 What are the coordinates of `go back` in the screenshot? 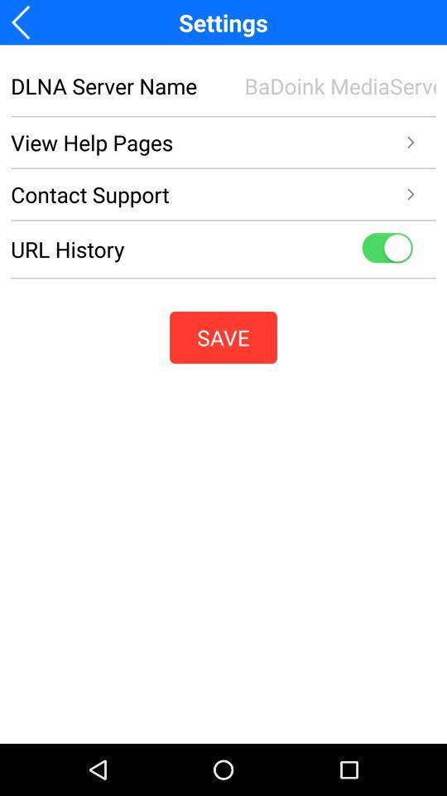 It's located at (25, 22).